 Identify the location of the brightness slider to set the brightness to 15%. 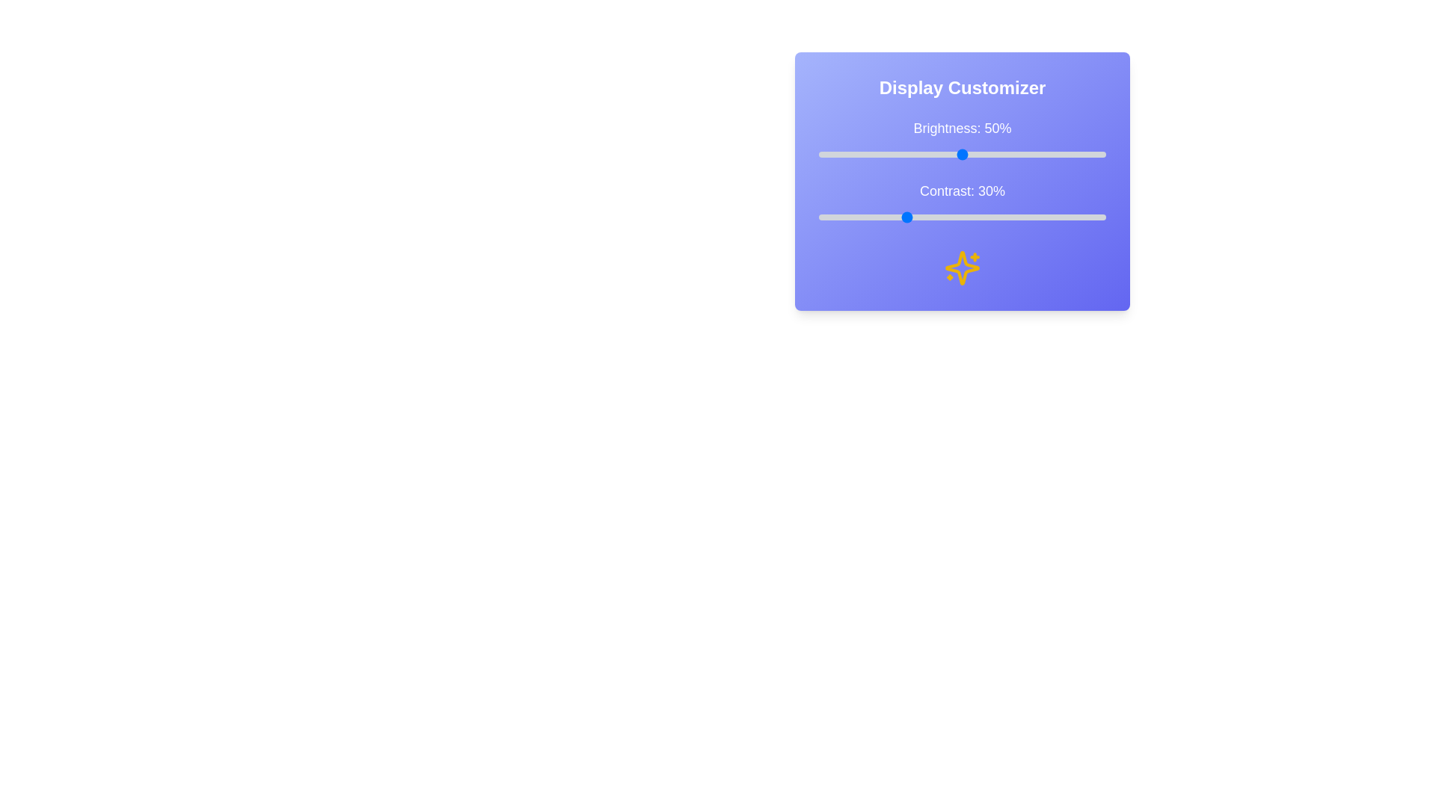
(862, 155).